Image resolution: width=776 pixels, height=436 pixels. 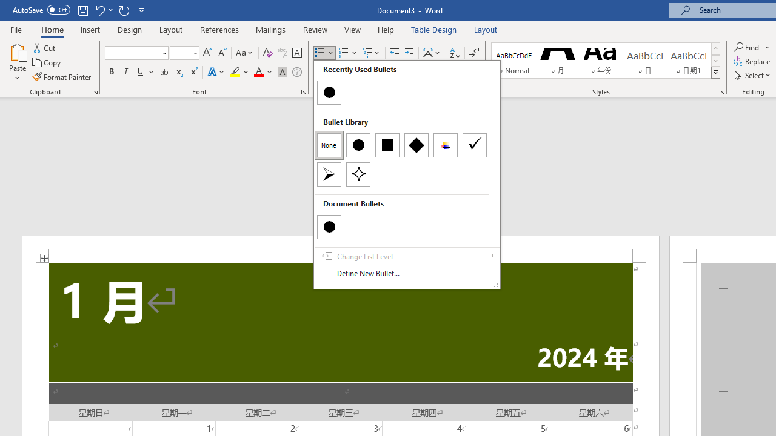 I want to click on 'Strikethrough', so click(x=163, y=72).